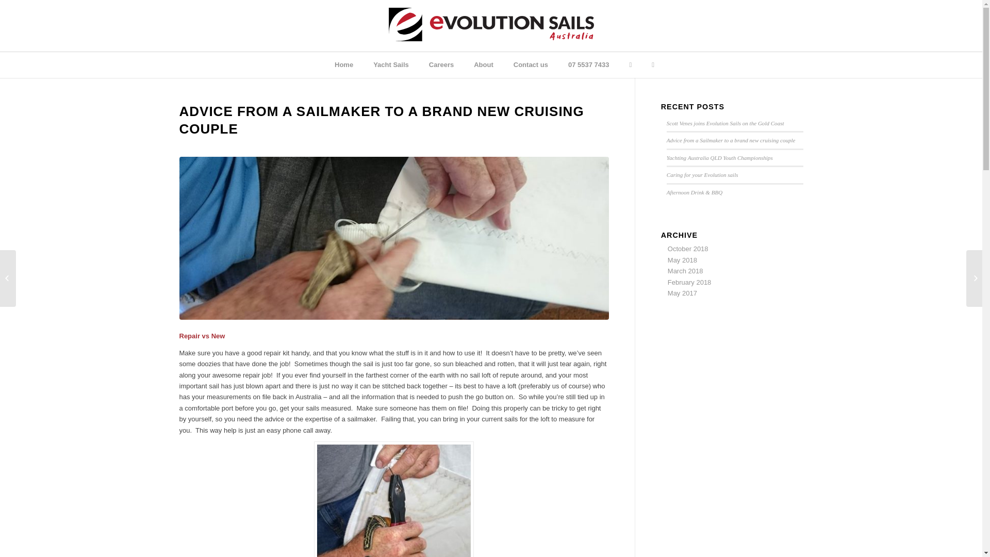 The image size is (990, 557). I want to click on 'Advice from a Sailmaker to a brand new cruising couple', so click(730, 140).